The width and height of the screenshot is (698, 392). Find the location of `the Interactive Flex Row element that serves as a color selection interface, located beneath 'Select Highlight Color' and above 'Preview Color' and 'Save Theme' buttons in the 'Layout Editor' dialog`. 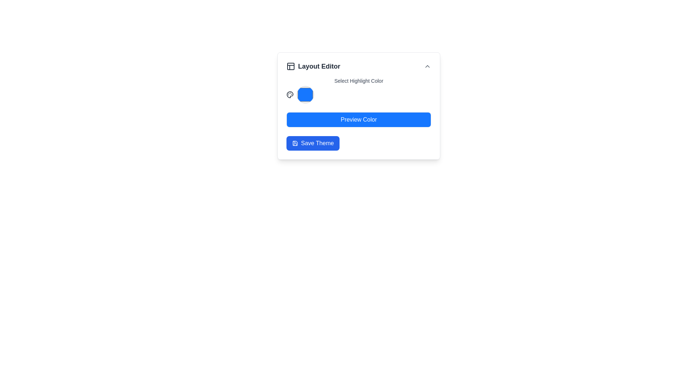

the Interactive Flex Row element that serves as a color selection interface, located beneath 'Select Highlight Color' and above 'Preview Color' and 'Save Theme' buttons in the 'Layout Editor' dialog is located at coordinates (359, 94).